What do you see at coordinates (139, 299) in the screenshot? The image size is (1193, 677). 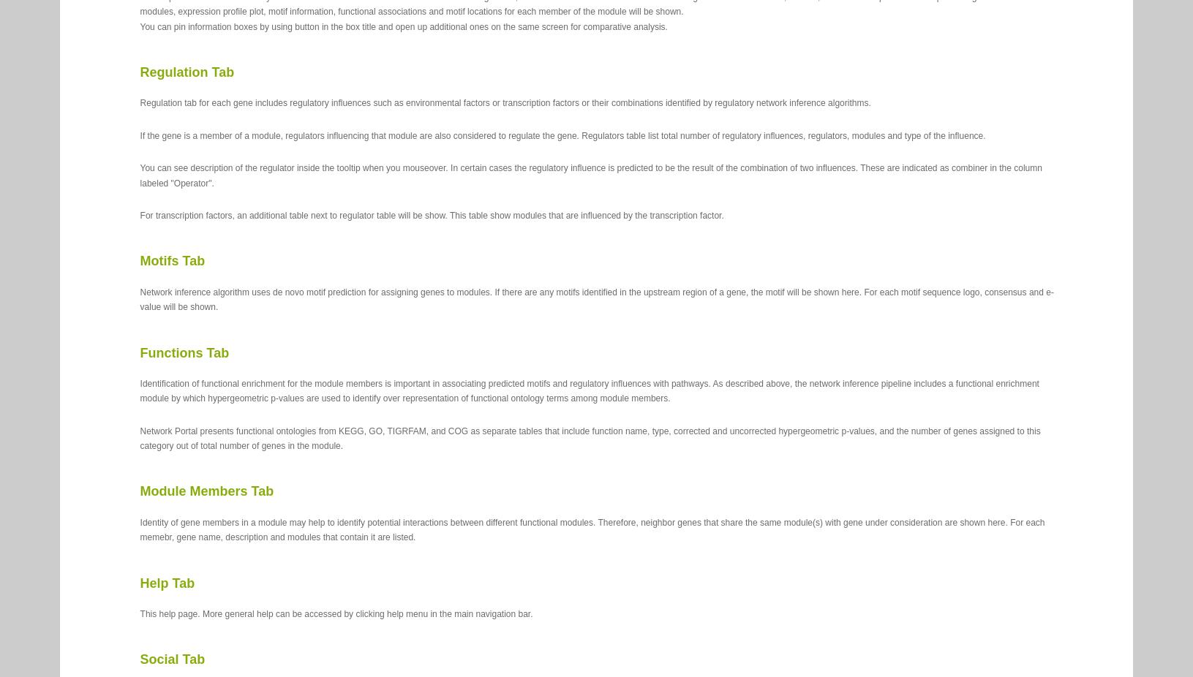 I see `'Network inference algorithm uses de novo motif prediction for assigning genes to modules. If there are any motifs identified in the upstream region of a gene, the motif will be shown here. For each motif sequence logo, consensus and e-value will be shown.'` at bounding box center [139, 299].